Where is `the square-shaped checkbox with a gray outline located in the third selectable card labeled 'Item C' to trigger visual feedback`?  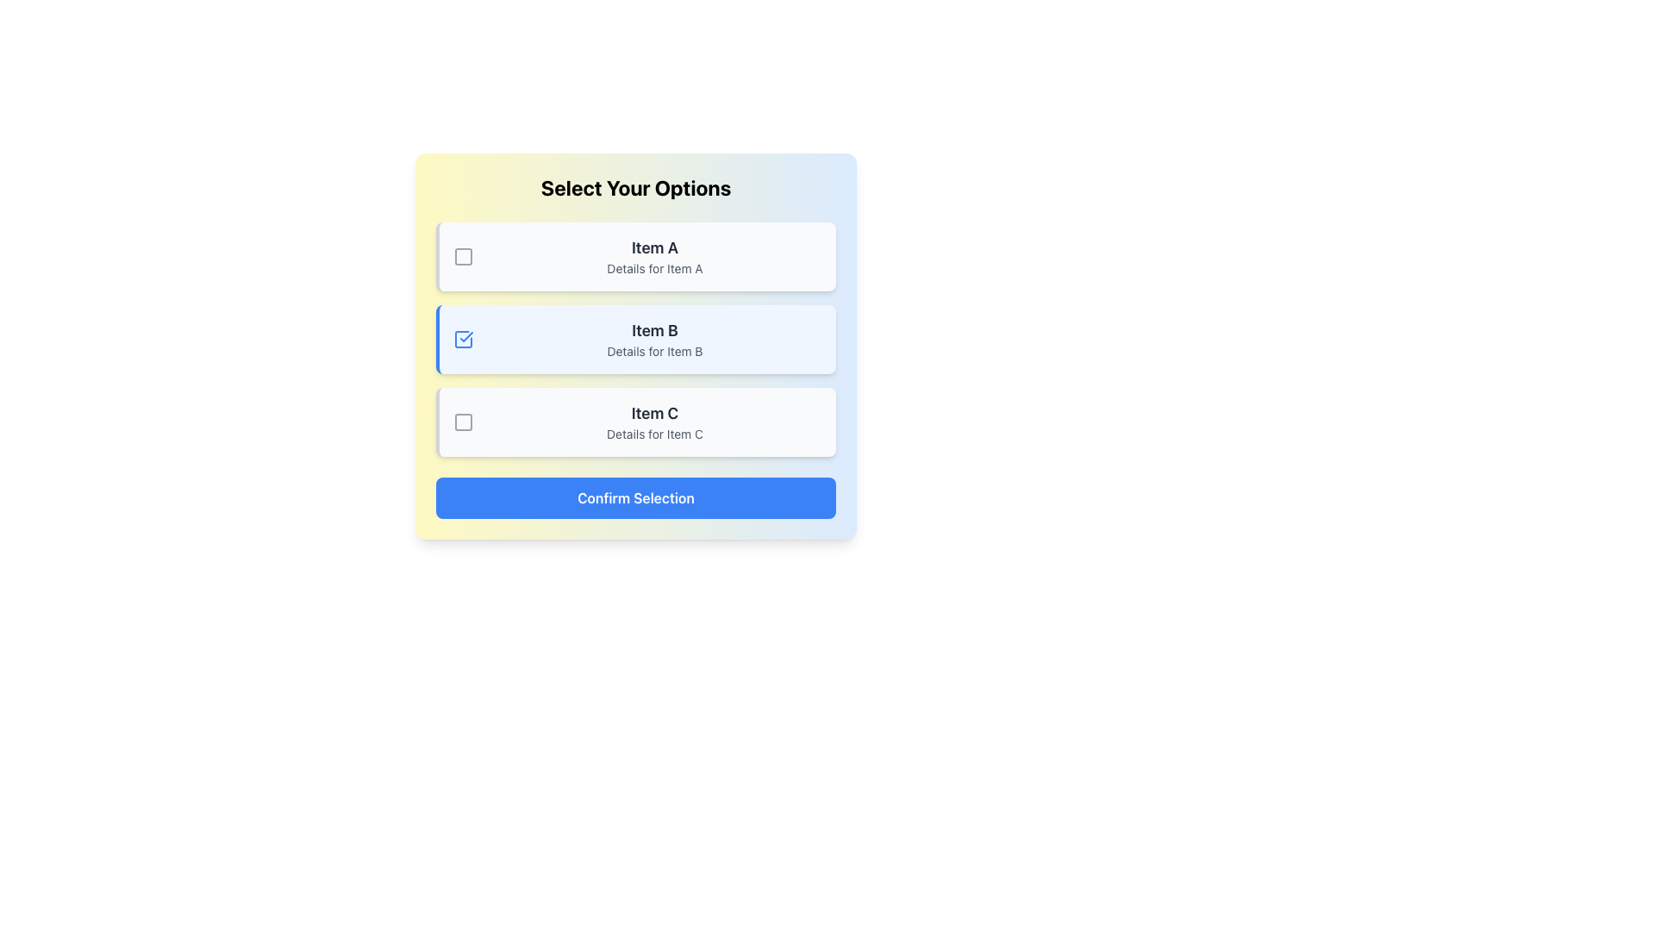
the square-shaped checkbox with a gray outline located in the third selectable card labeled 'Item C' to trigger visual feedback is located at coordinates (463, 422).